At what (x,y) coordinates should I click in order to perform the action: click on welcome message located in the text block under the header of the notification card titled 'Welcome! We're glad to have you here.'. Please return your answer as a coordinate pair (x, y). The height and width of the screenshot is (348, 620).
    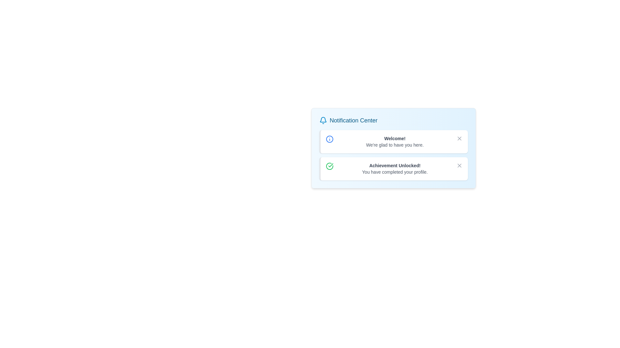
    Looking at the image, I should click on (395, 141).